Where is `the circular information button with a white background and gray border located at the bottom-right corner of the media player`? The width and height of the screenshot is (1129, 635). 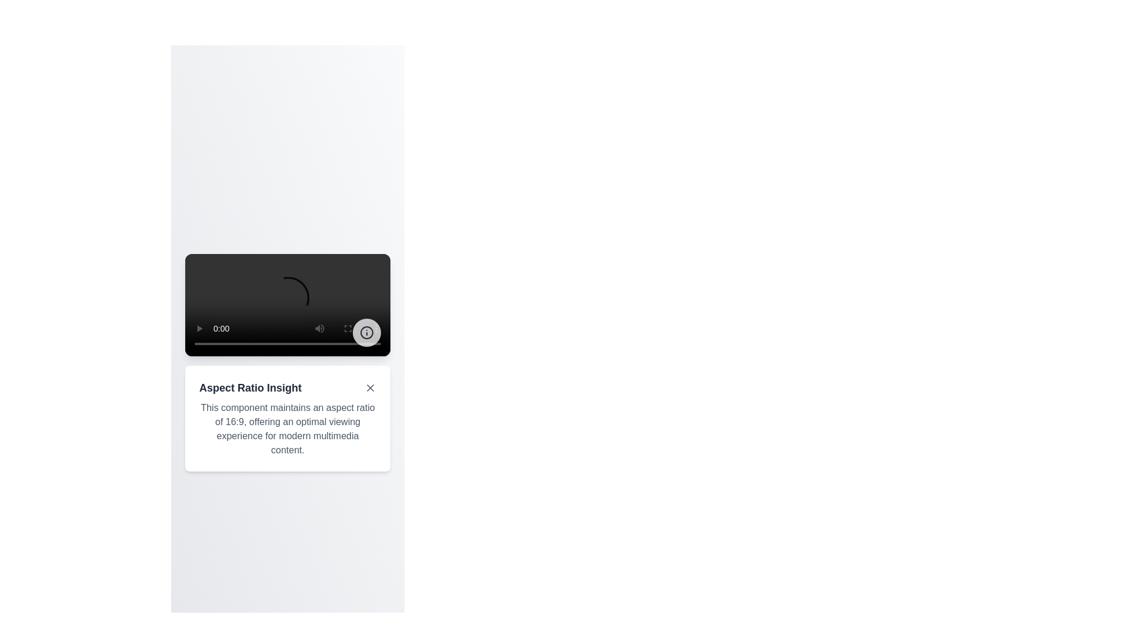 the circular information button with a white background and gray border located at the bottom-right corner of the media player is located at coordinates (366, 333).